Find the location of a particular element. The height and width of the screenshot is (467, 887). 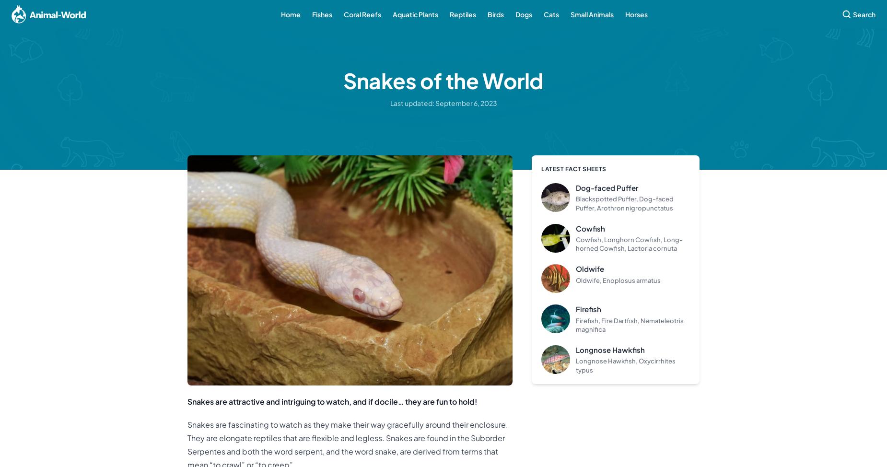

'Birds' is located at coordinates (495, 14).